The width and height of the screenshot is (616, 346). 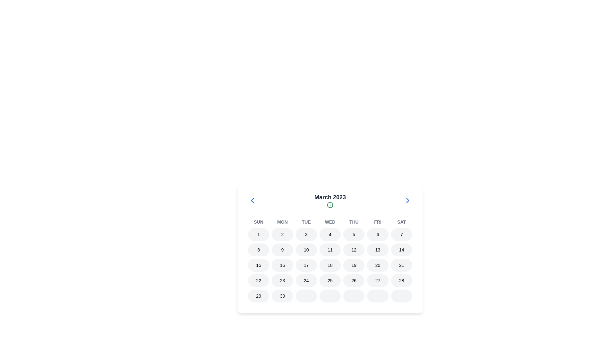 I want to click on the seventh button, so click(x=354, y=296).